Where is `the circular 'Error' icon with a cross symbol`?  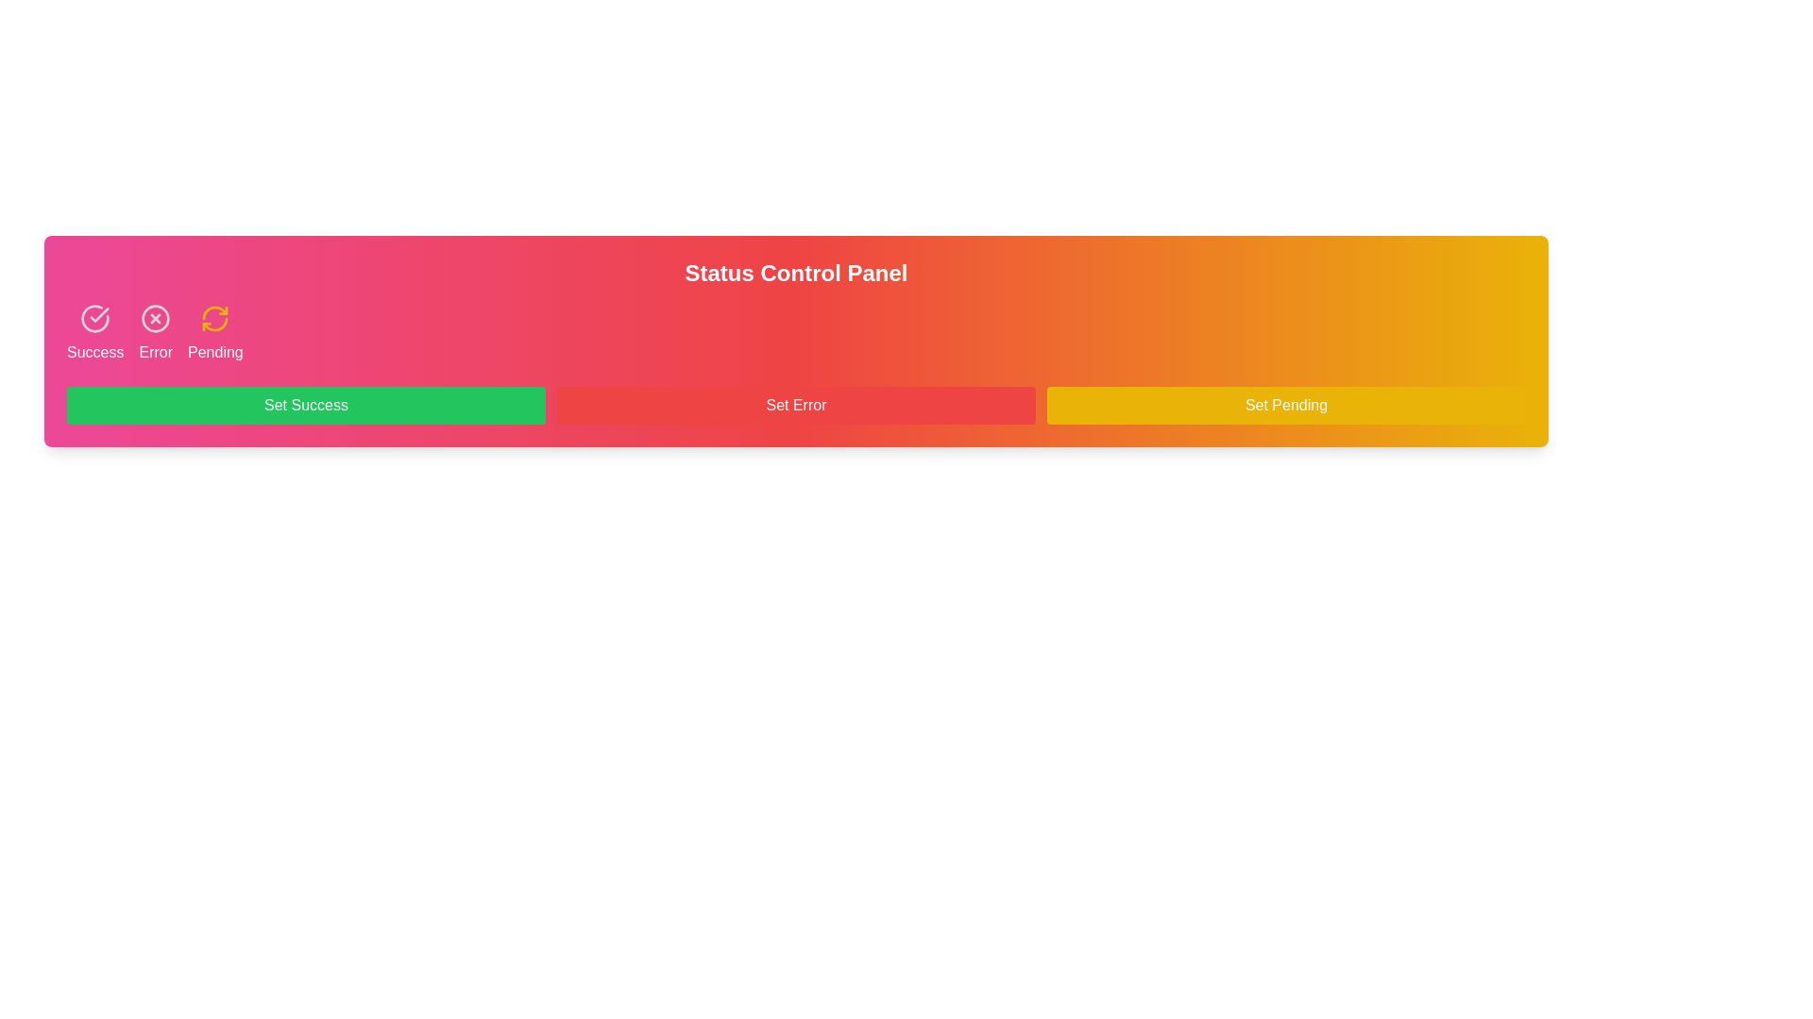
the circular 'Error' icon with a cross symbol is located at coordinates (156, 318).